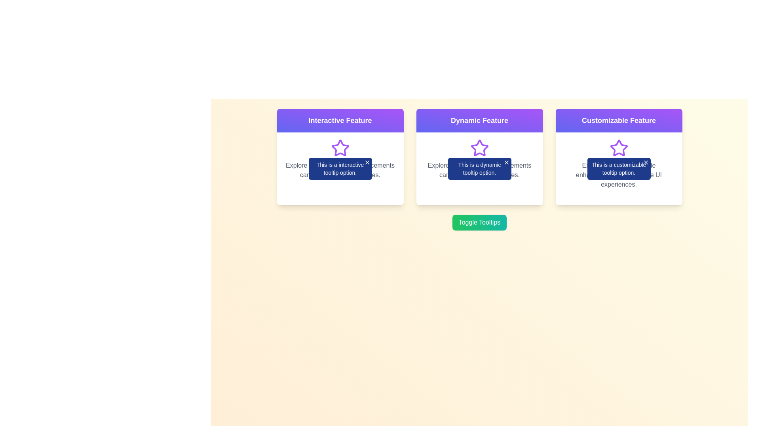 The image size is (760, 427). What do you see at coordinates (646, 162) in the screenshot?
I see `the small 'X' button in the top-right corner of the tooltip beneath the 'Customizable Feature' section` at bounding box center [646, 162].